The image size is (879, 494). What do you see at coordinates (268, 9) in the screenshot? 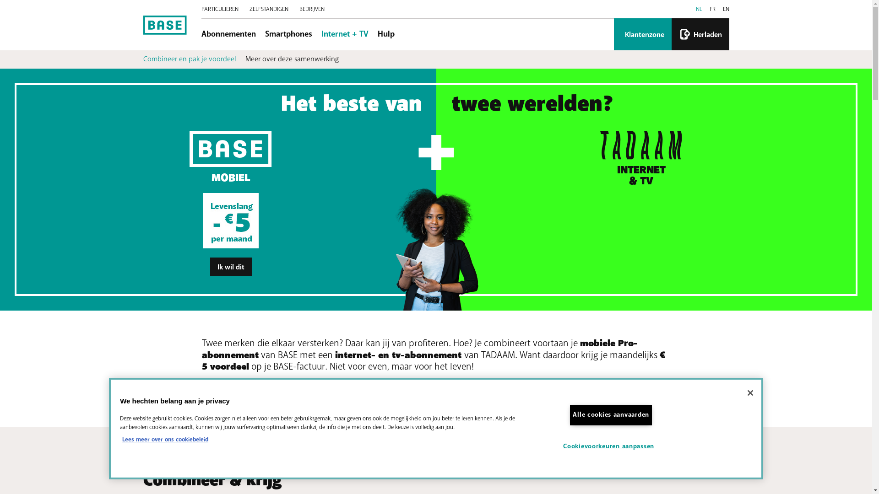
I see `'ZELFSTANDIGEN'` at bounding box center [268, 9].